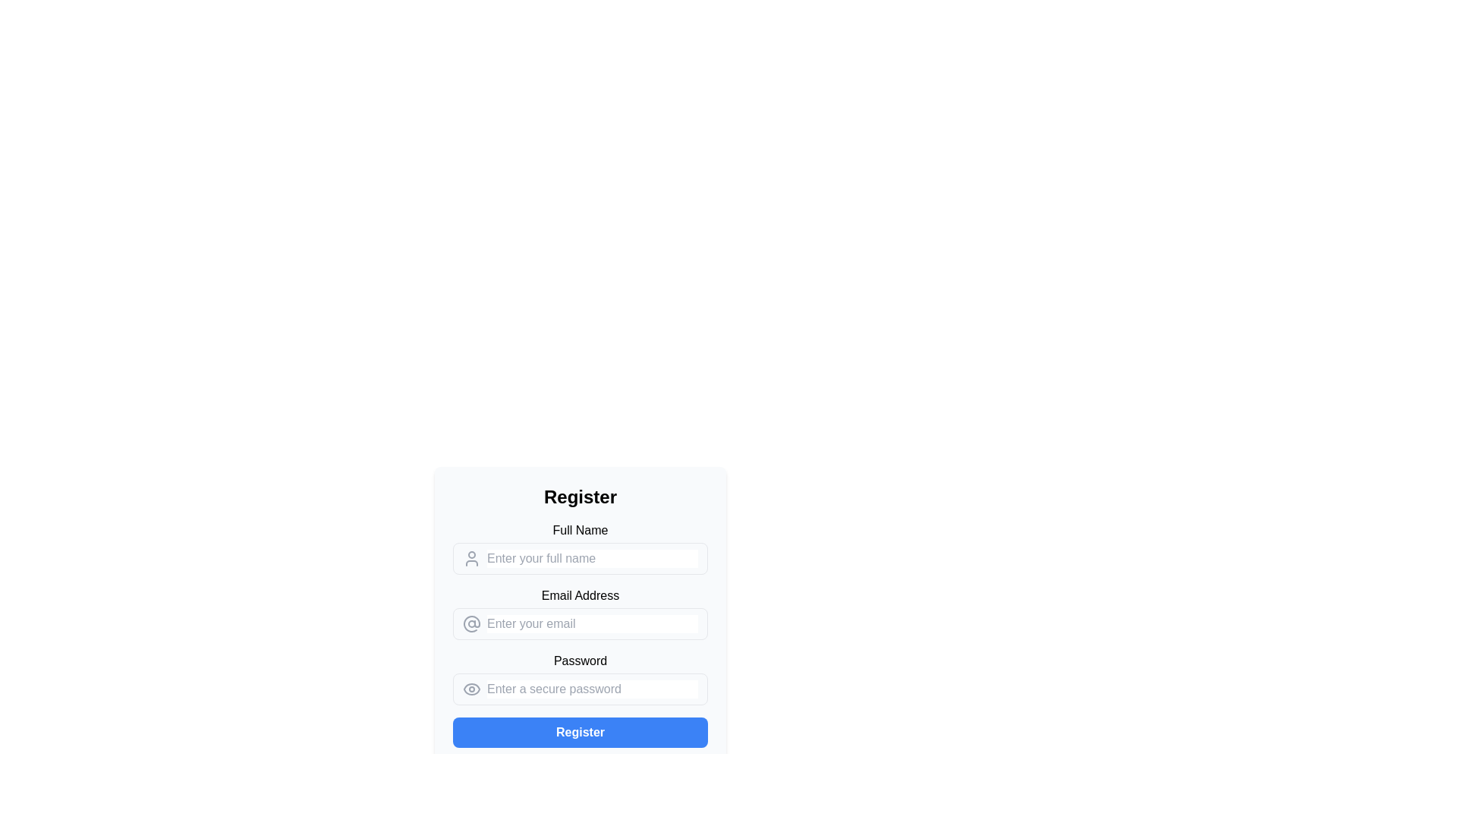 The image size is (1457, 820). Describe the element at coordinates (579, 547) in the screenshot. I see `the text input field for full name located in the 'Register' form, which is the first input field below the 'Full Name' label` at that location.